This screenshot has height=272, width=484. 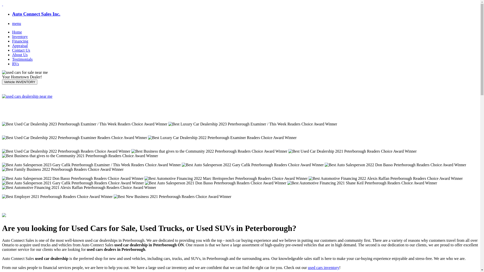 What do you see at coordinates (2, 4) in the screenshot?
I see `' '` at bounding box center [2, 4].